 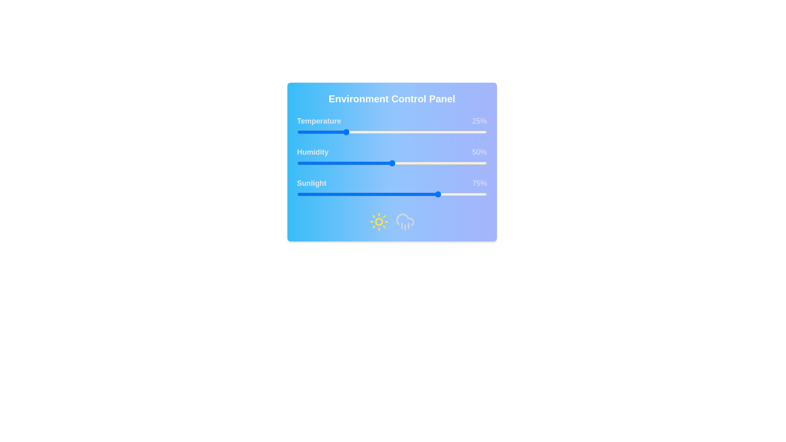 What do you see at coordinates (378, 222) in the screenshot?
I see `the Sun icon to toggle its state` at bounding box center [378, 222].